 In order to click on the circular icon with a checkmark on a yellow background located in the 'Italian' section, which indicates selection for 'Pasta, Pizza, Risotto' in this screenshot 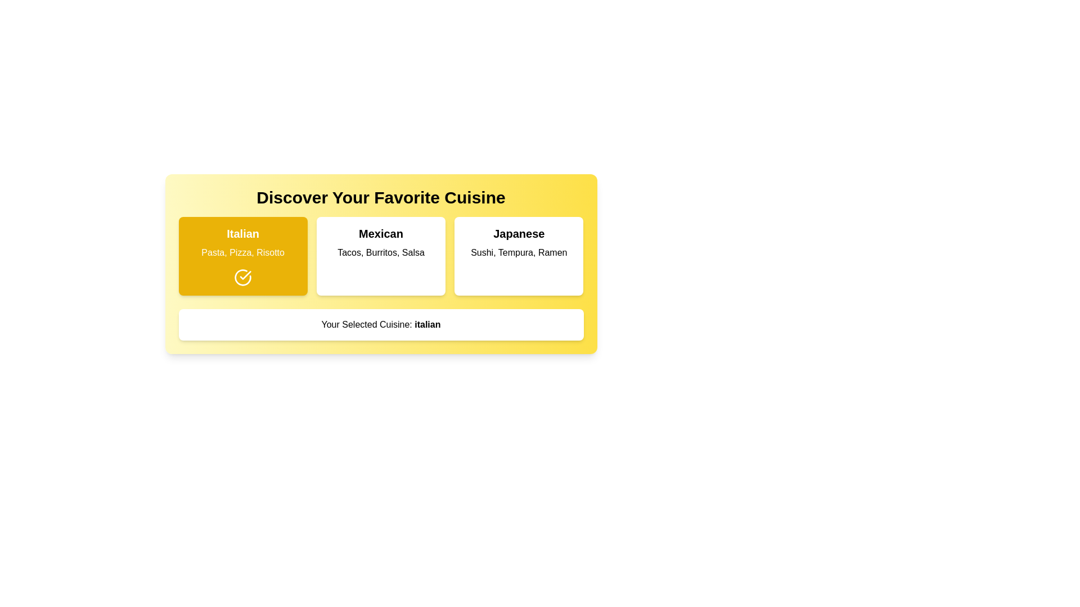, I will do `click(242, 277)`.